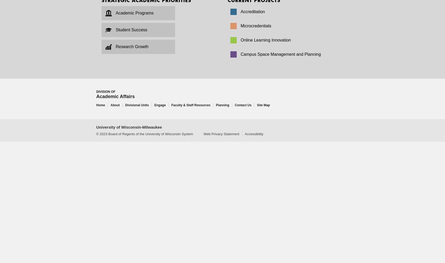 The image size is (445, 263). I want to click on 'Microcredentials', so click(256, 26).